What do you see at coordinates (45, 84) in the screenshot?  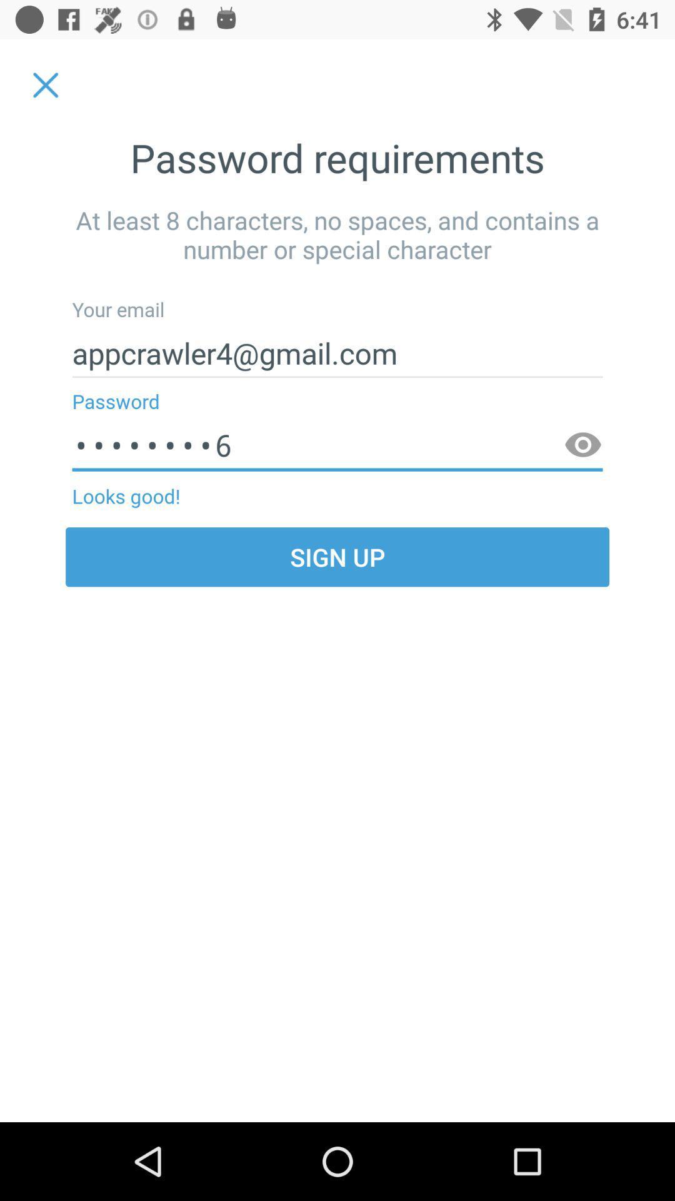 I see `the close icon` at bounding box center [45, 84].